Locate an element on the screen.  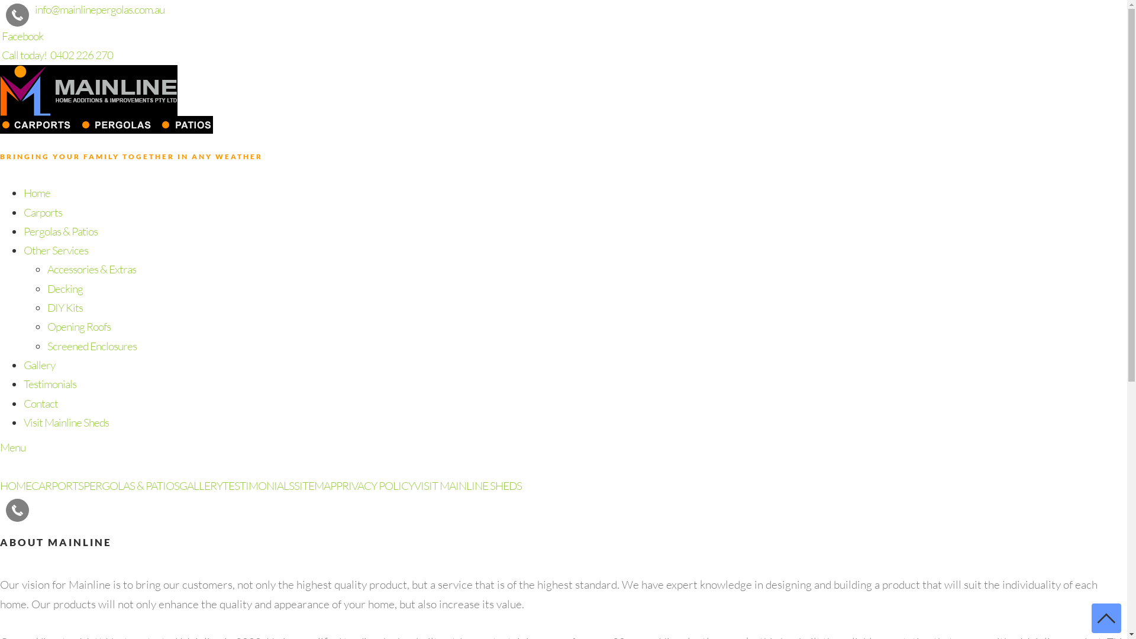
'Gallery' is located at coordinates (39, 364).